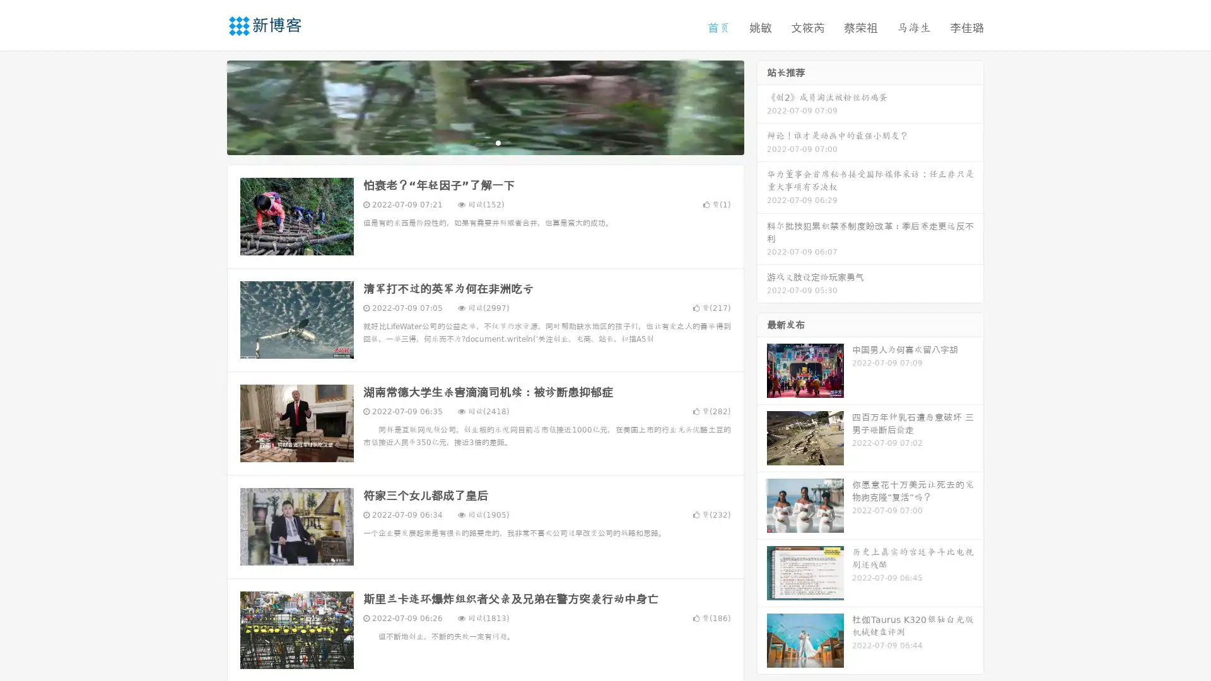 This screenshot has width=1211, height=681. What do you see at coordinates (498, 142) in the screenshot?
I see `Go to slide 3` at bounding box center [498, 142].